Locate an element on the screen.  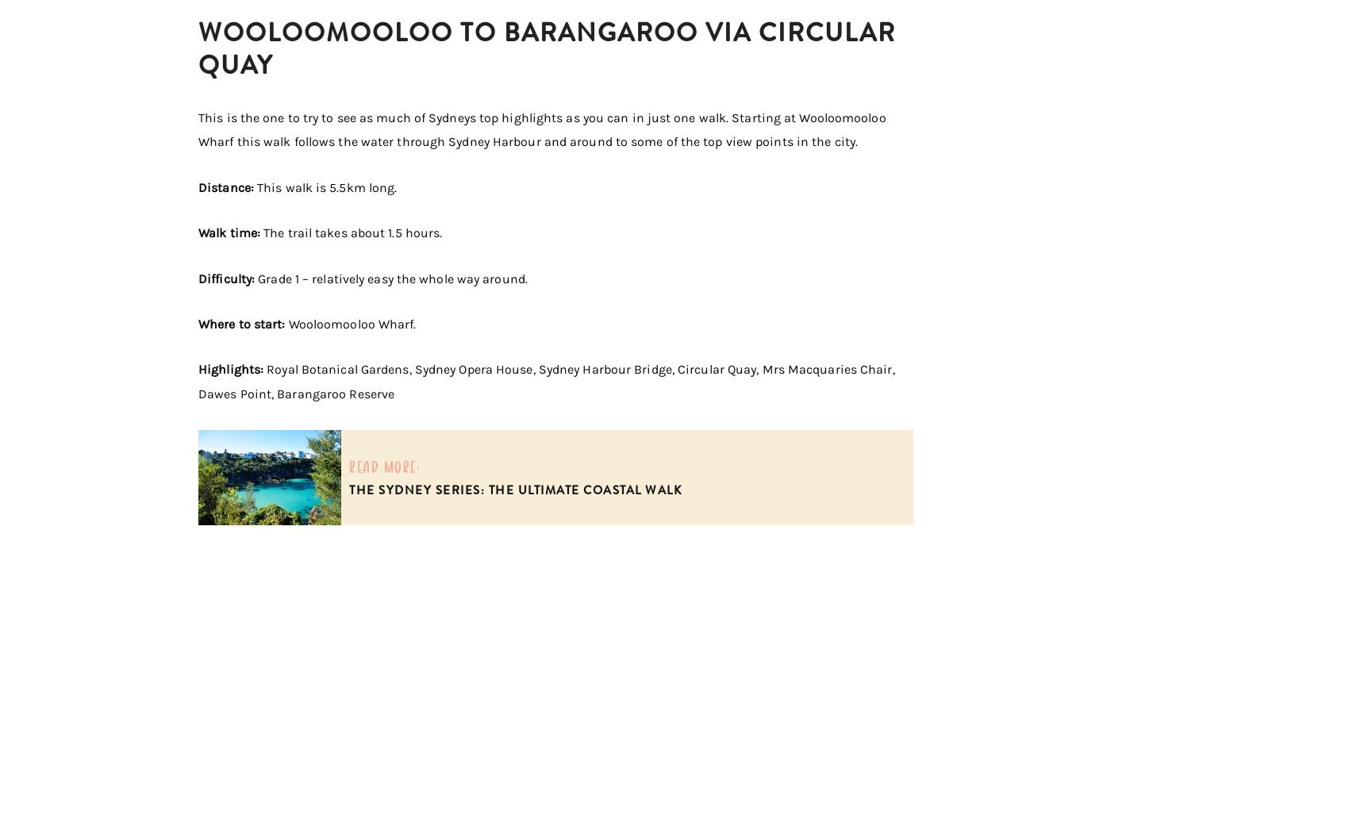
'This is the one to try to see as much of Sydneys top highlights as you can in just one walk. Starting at Wooloomooloo Wharf this walk follows the water through Sydney Harbour and around to some of the top view points in the city.' is located at coordinates (542, 129).